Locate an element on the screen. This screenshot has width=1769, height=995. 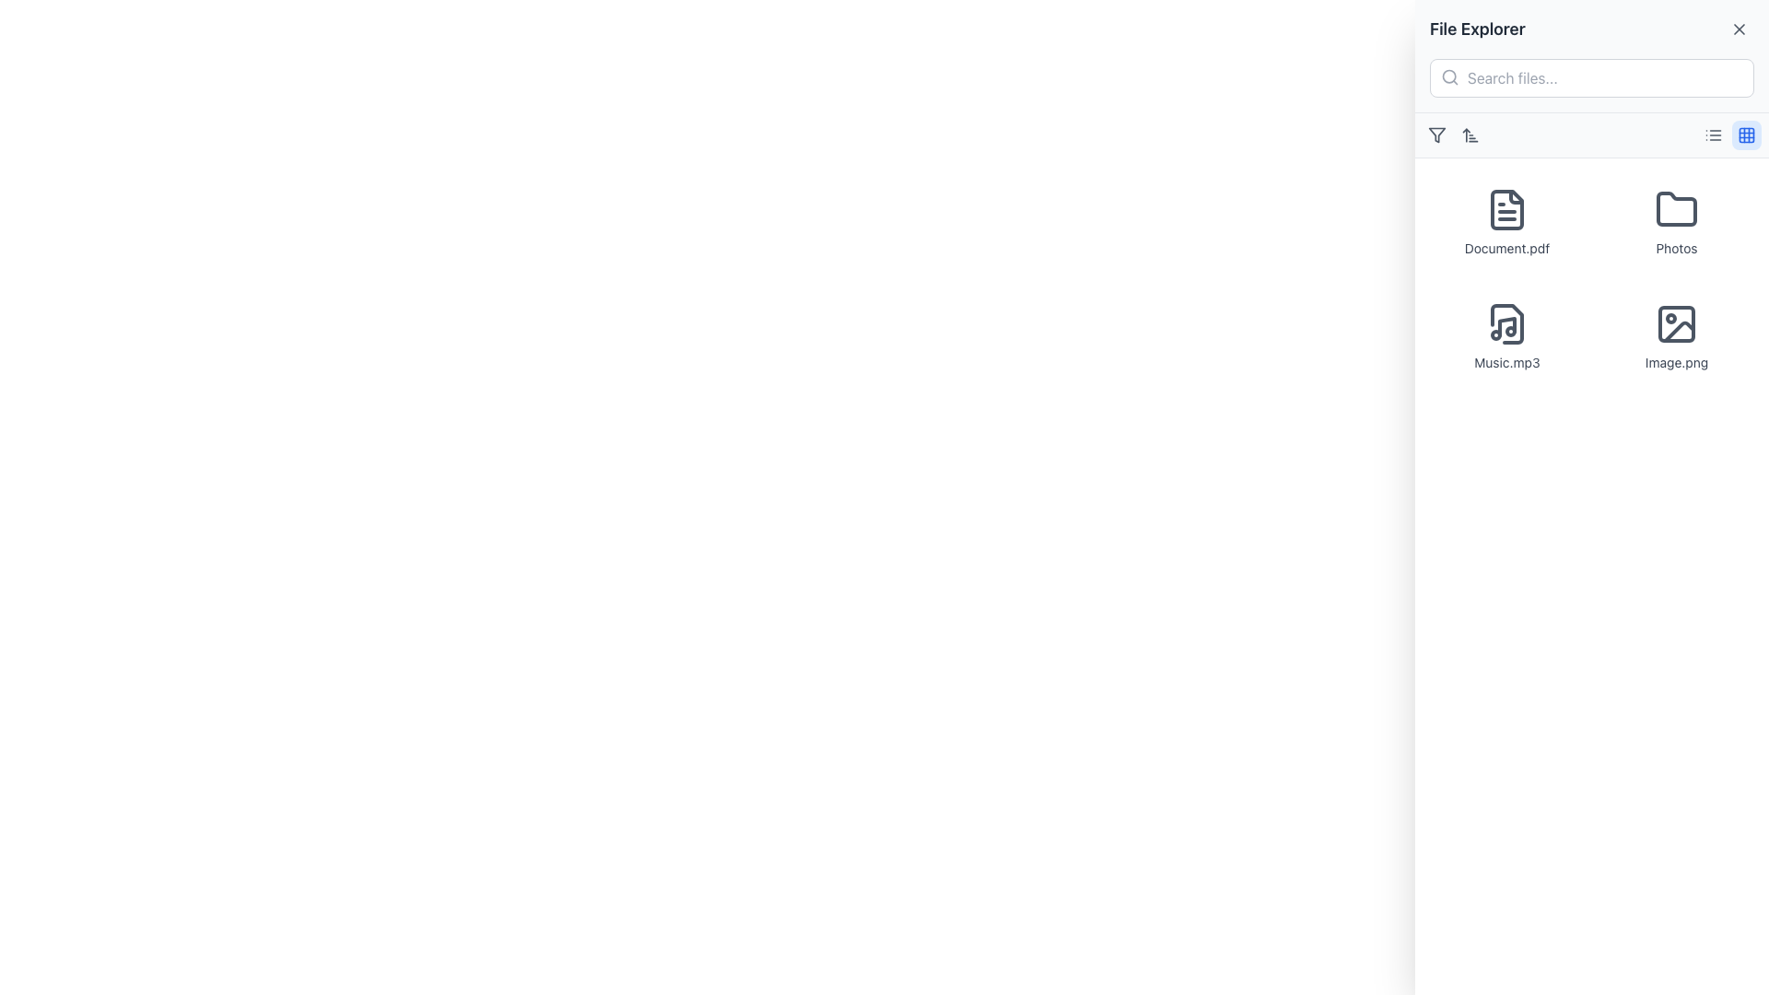
the filter icon button located on the upper section of the interface, to the left of the sorting icon is located at coordinates (1436, 134).